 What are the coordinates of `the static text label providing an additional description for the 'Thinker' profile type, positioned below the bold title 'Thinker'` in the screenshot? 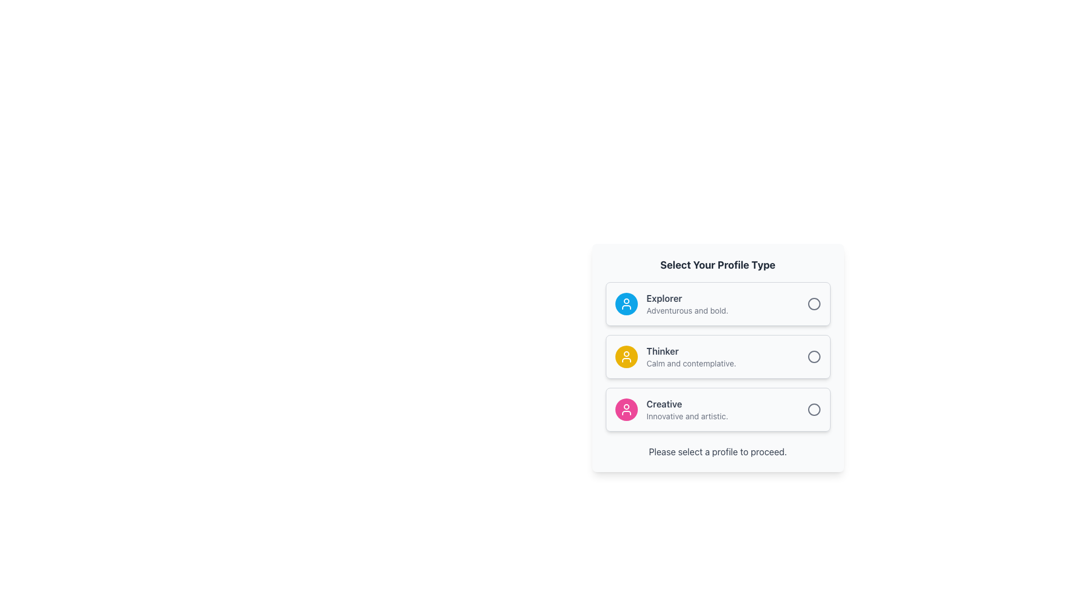 It's located at (727, 364).